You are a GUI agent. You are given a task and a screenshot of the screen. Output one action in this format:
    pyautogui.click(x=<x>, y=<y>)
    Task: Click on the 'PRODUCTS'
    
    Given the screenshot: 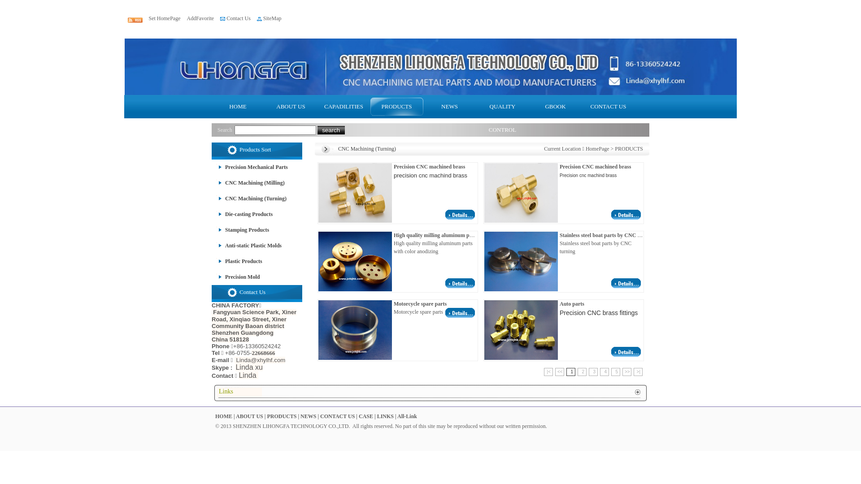 What is the action you would take?
    pyautogui.click(x=281, y=416)
    